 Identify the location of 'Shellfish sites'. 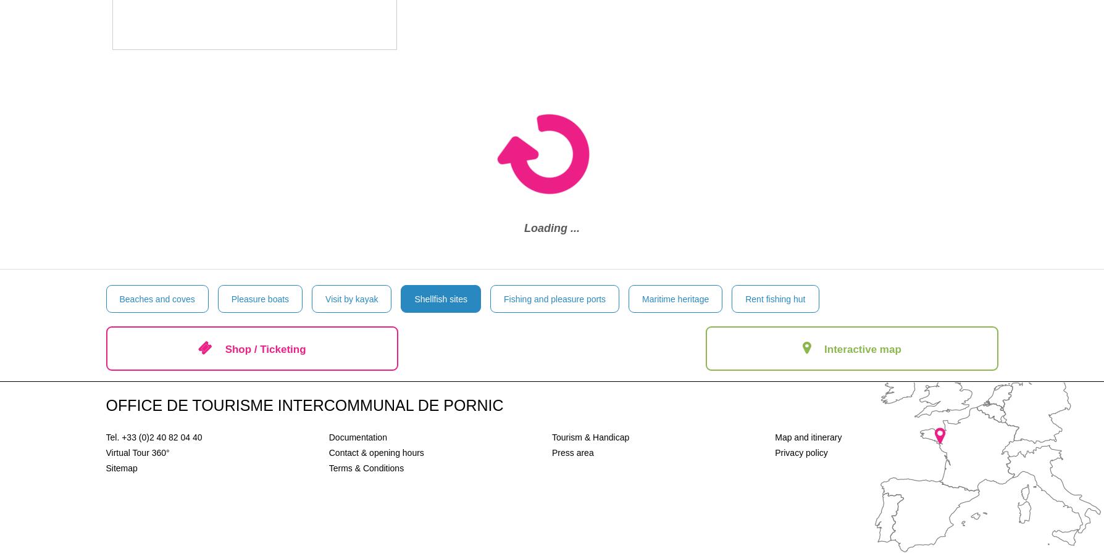
(440, 298).